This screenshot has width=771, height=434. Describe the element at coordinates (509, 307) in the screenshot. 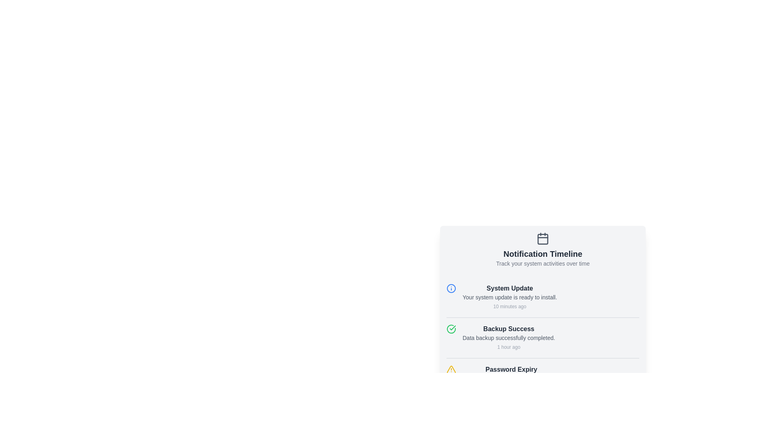

I see `the static text label displaying '10 minutes ago', which is located below the 'Your system update is ready to install.' text in the notification timeline interface` at that location.